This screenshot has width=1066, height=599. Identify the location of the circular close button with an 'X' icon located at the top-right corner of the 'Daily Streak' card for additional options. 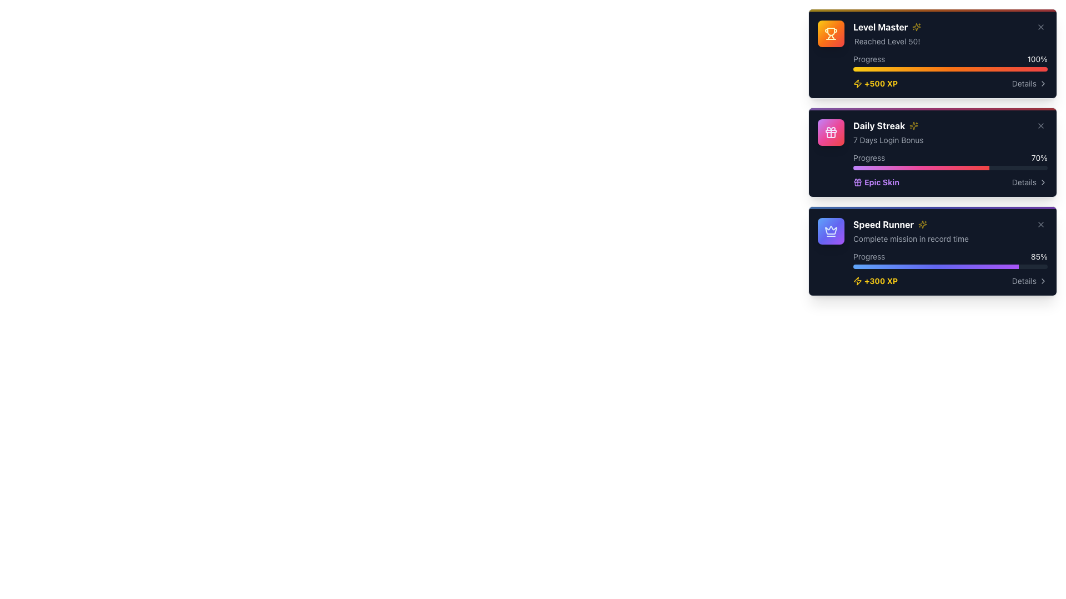
(1040, 125).